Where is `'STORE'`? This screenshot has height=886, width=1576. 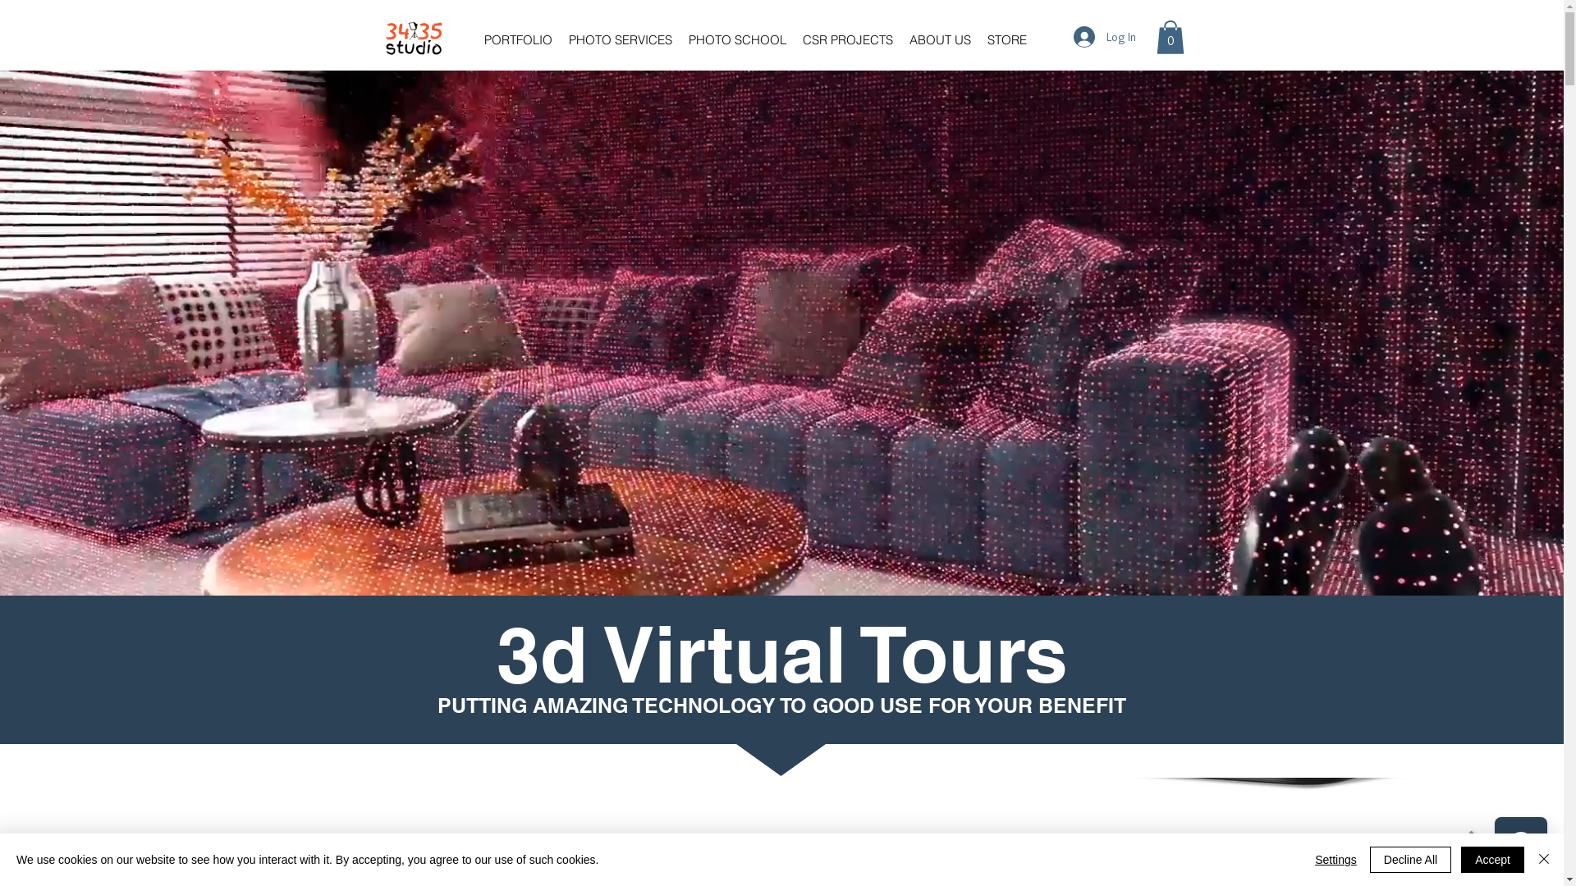 'STORE' is located at coordinates (1005, 39).